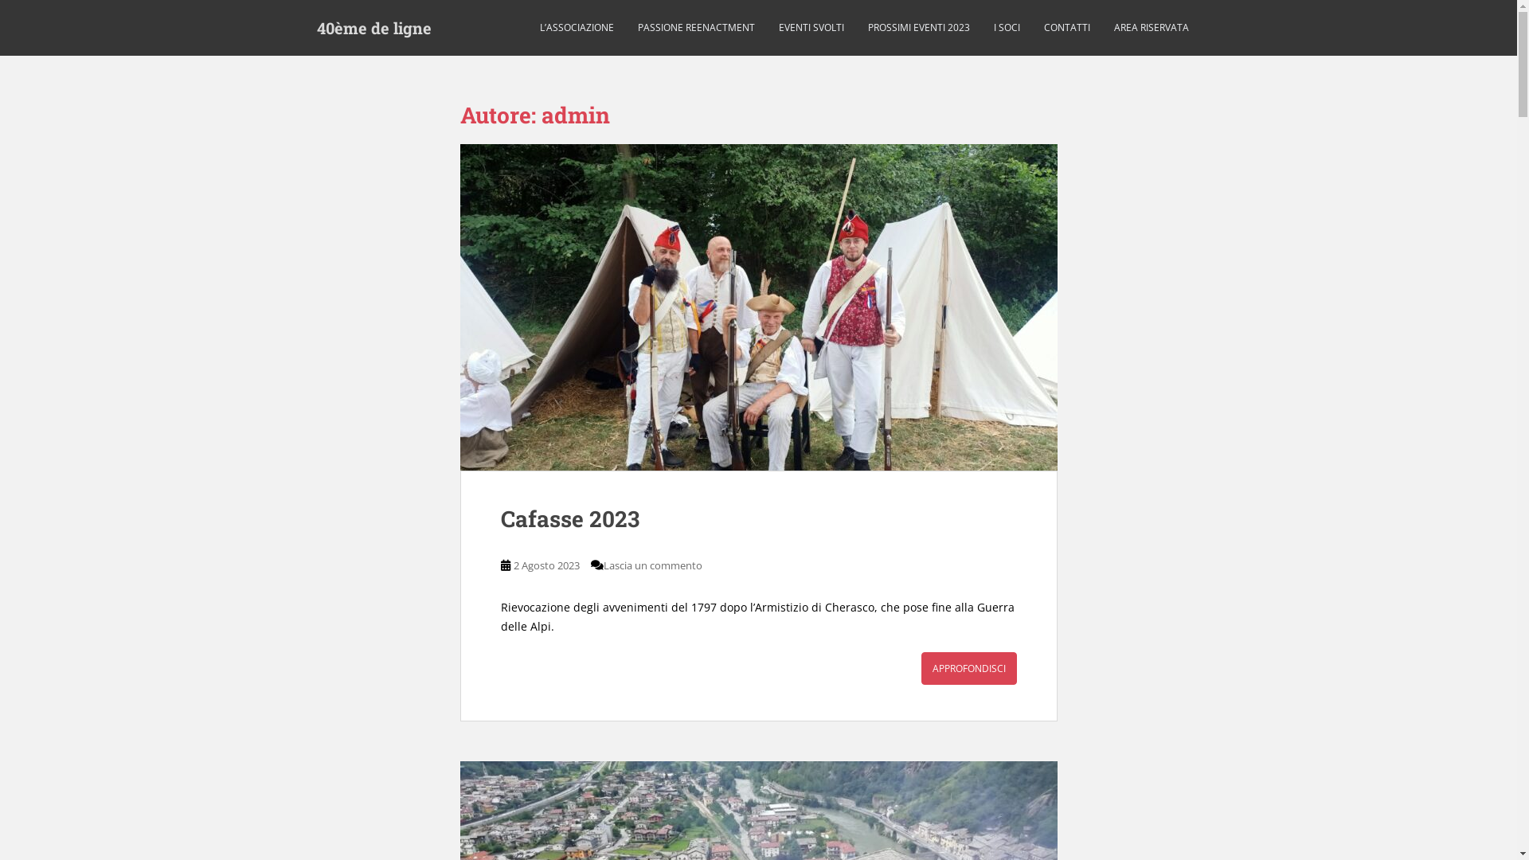 This screenshot has height=860, width=1529. What do you see at coordinates (811, 27) in the screenshot?
I see `'EVENTI SVOLTI'` at bounding box center [811, 27].